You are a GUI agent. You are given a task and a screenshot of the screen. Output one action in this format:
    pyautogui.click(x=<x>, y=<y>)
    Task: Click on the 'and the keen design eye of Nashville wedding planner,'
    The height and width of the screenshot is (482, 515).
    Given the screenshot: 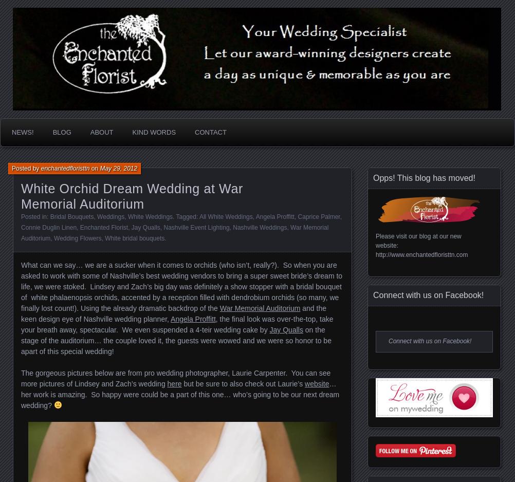 What is the action you would take?
    pyautogui.click(x=173, y=313)
    